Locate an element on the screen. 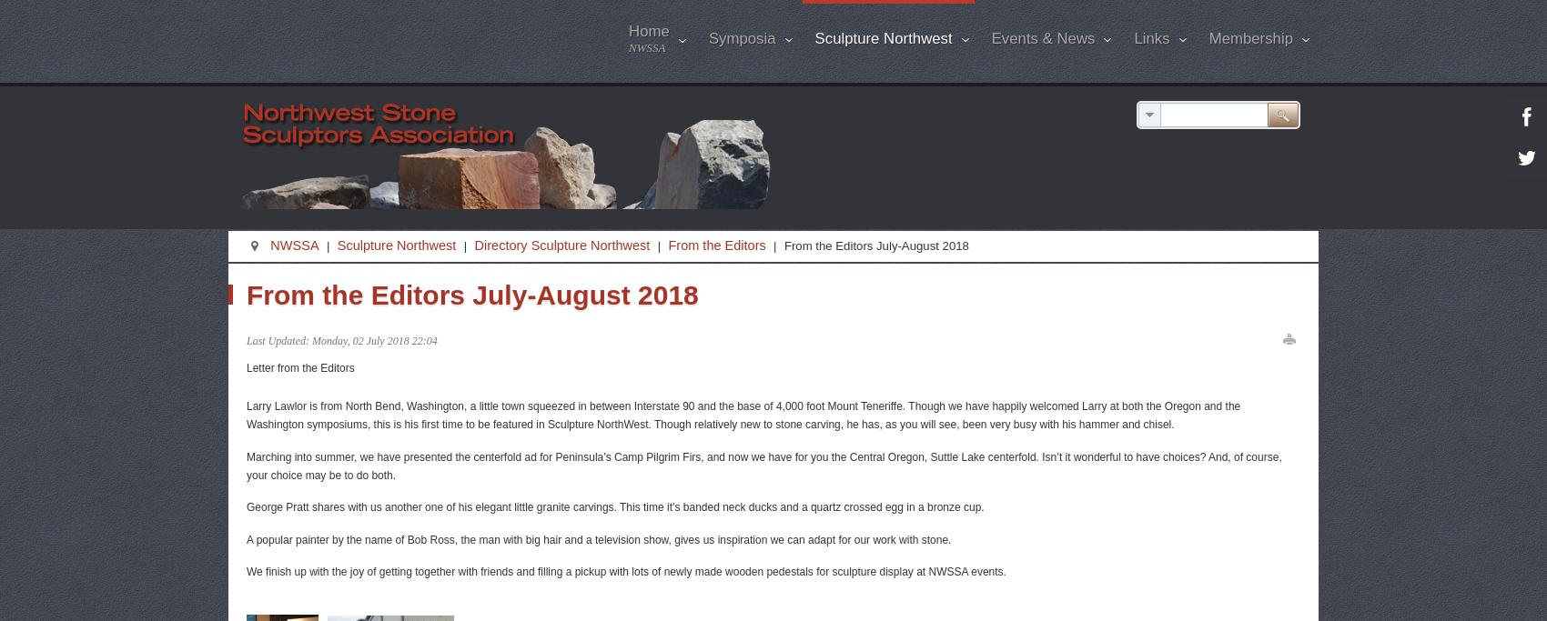 Image resolution: width=1547 pixels, height=621 pixels. 'Directory Sculpture Northwest' is located at coordinates (561, 244).